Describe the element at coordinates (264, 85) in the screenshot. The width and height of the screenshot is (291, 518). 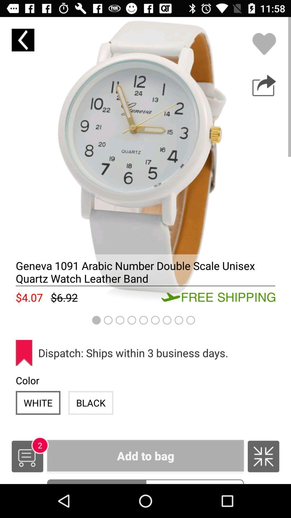
I see `the share icon` at that location.